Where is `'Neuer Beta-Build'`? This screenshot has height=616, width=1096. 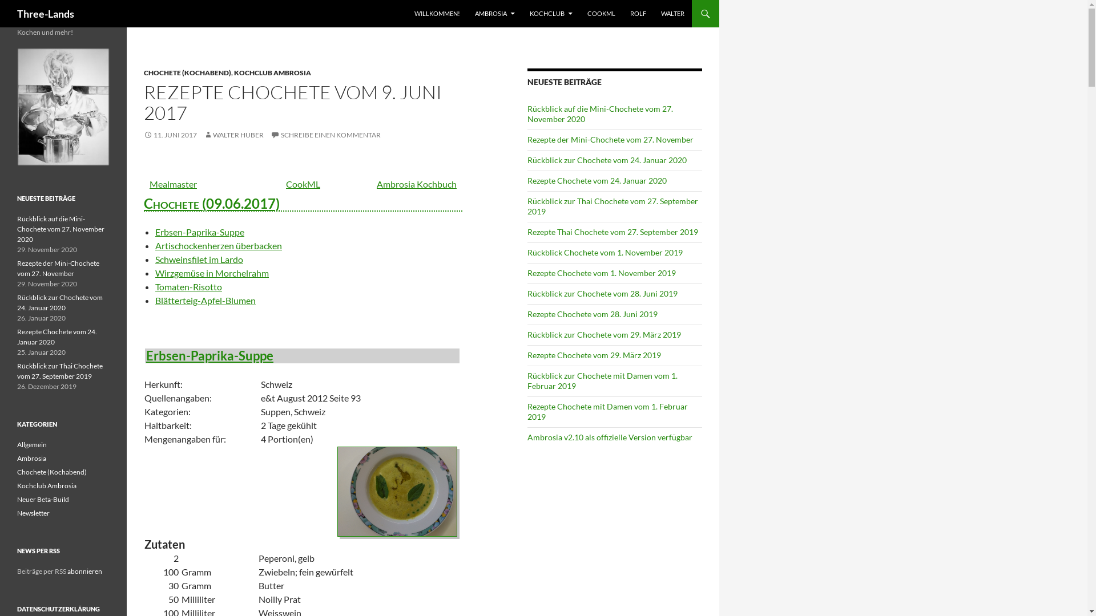
'Neuer Beta-Build' is located at coordinates (43, 499).